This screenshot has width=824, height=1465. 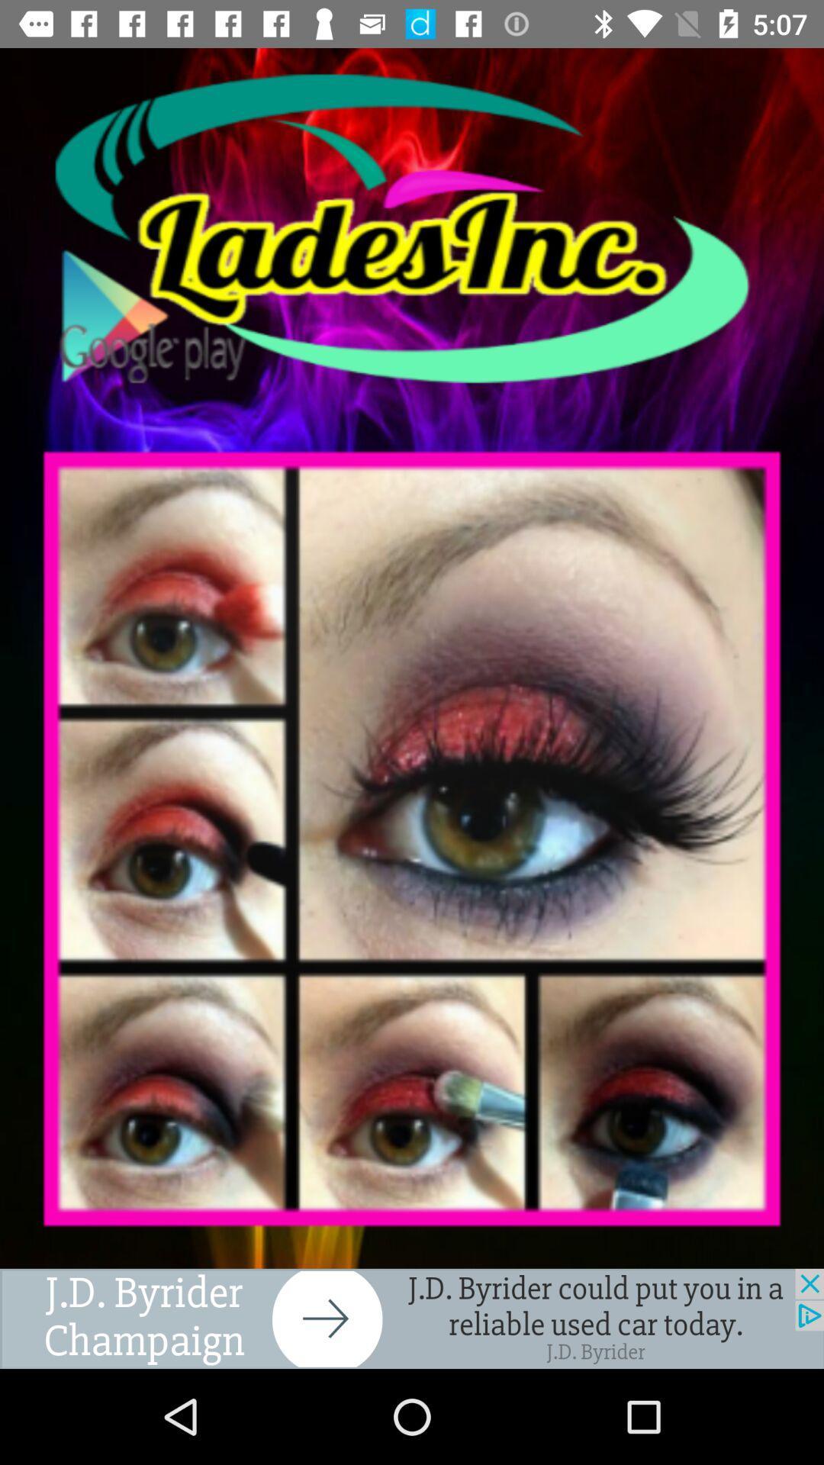 I want to click on play, so click(x=412, y=227).